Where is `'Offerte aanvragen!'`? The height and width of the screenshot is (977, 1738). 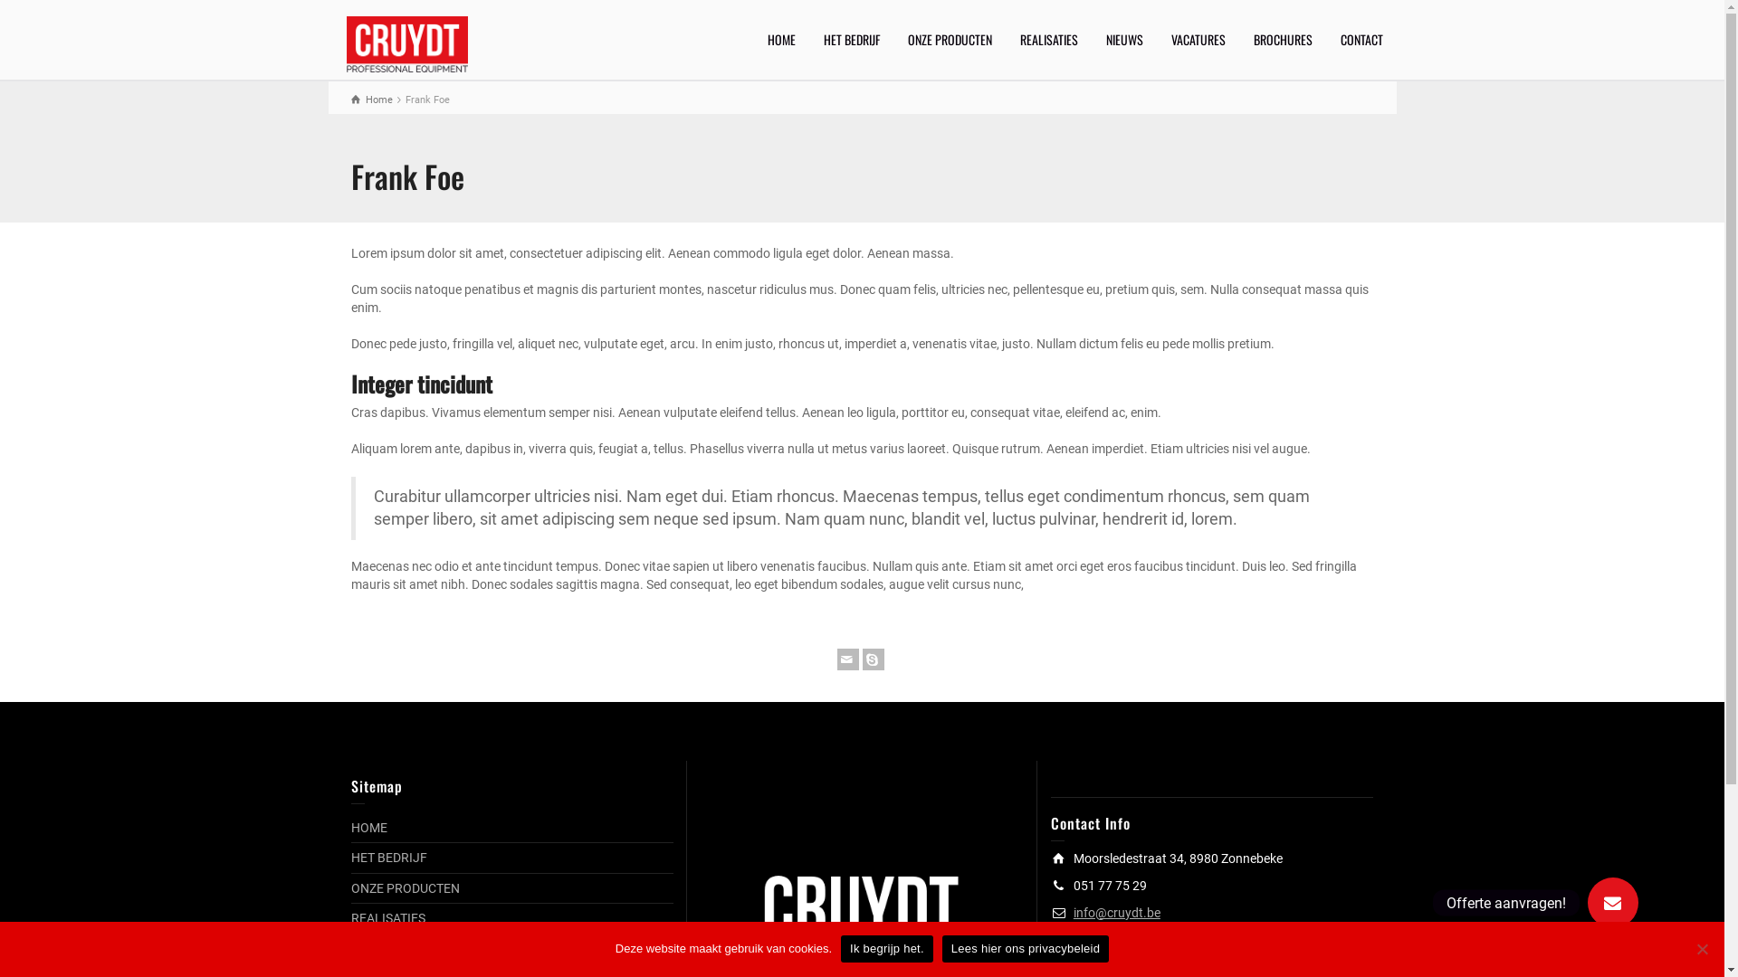
'Offerte aanvragen!' is located at coordinates (1612, 903).